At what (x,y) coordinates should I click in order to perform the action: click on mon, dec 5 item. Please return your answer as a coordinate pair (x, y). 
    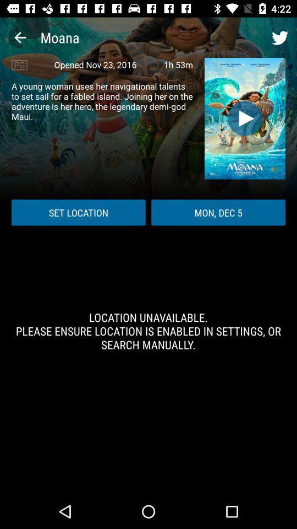
    Looking at the image, I should click on (218, 212).